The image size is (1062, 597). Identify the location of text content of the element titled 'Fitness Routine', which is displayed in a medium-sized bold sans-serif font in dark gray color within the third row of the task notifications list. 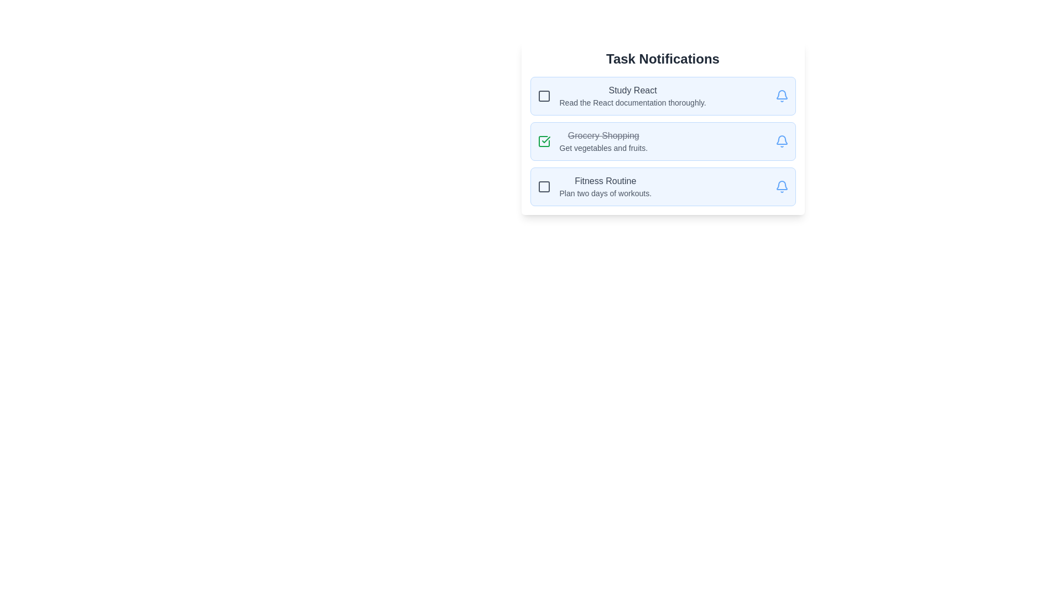
(605, 180).